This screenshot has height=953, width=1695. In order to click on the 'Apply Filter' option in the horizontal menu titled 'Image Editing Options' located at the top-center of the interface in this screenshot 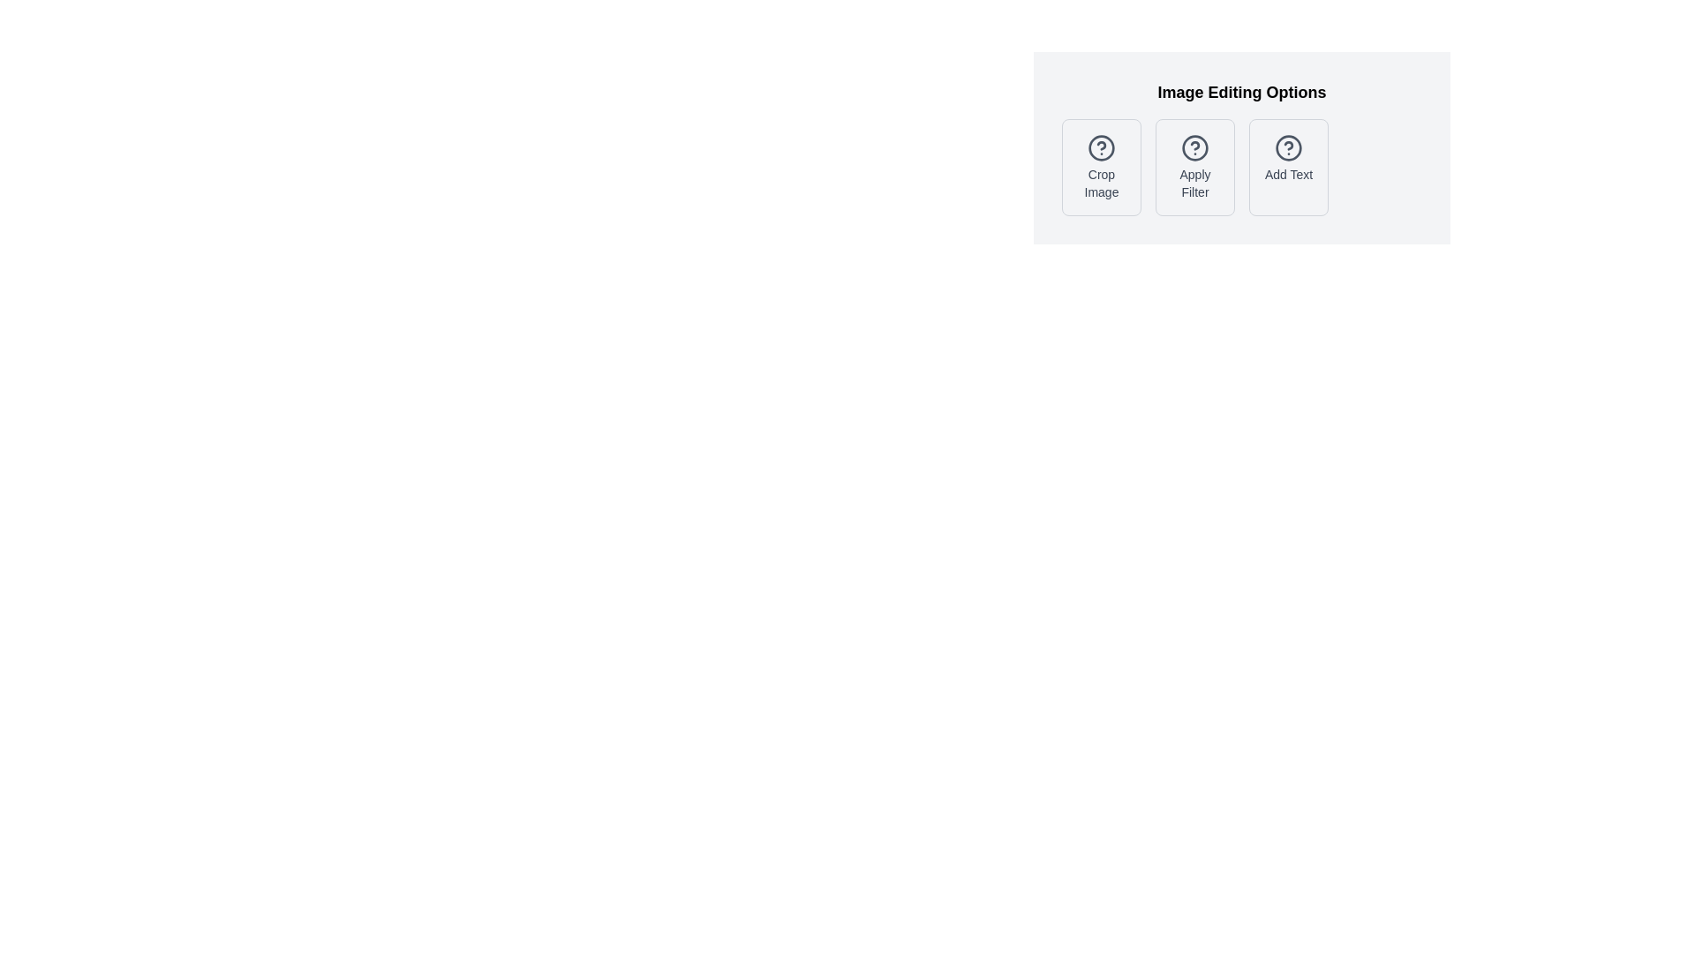, I will do `click(1240, 147)`.